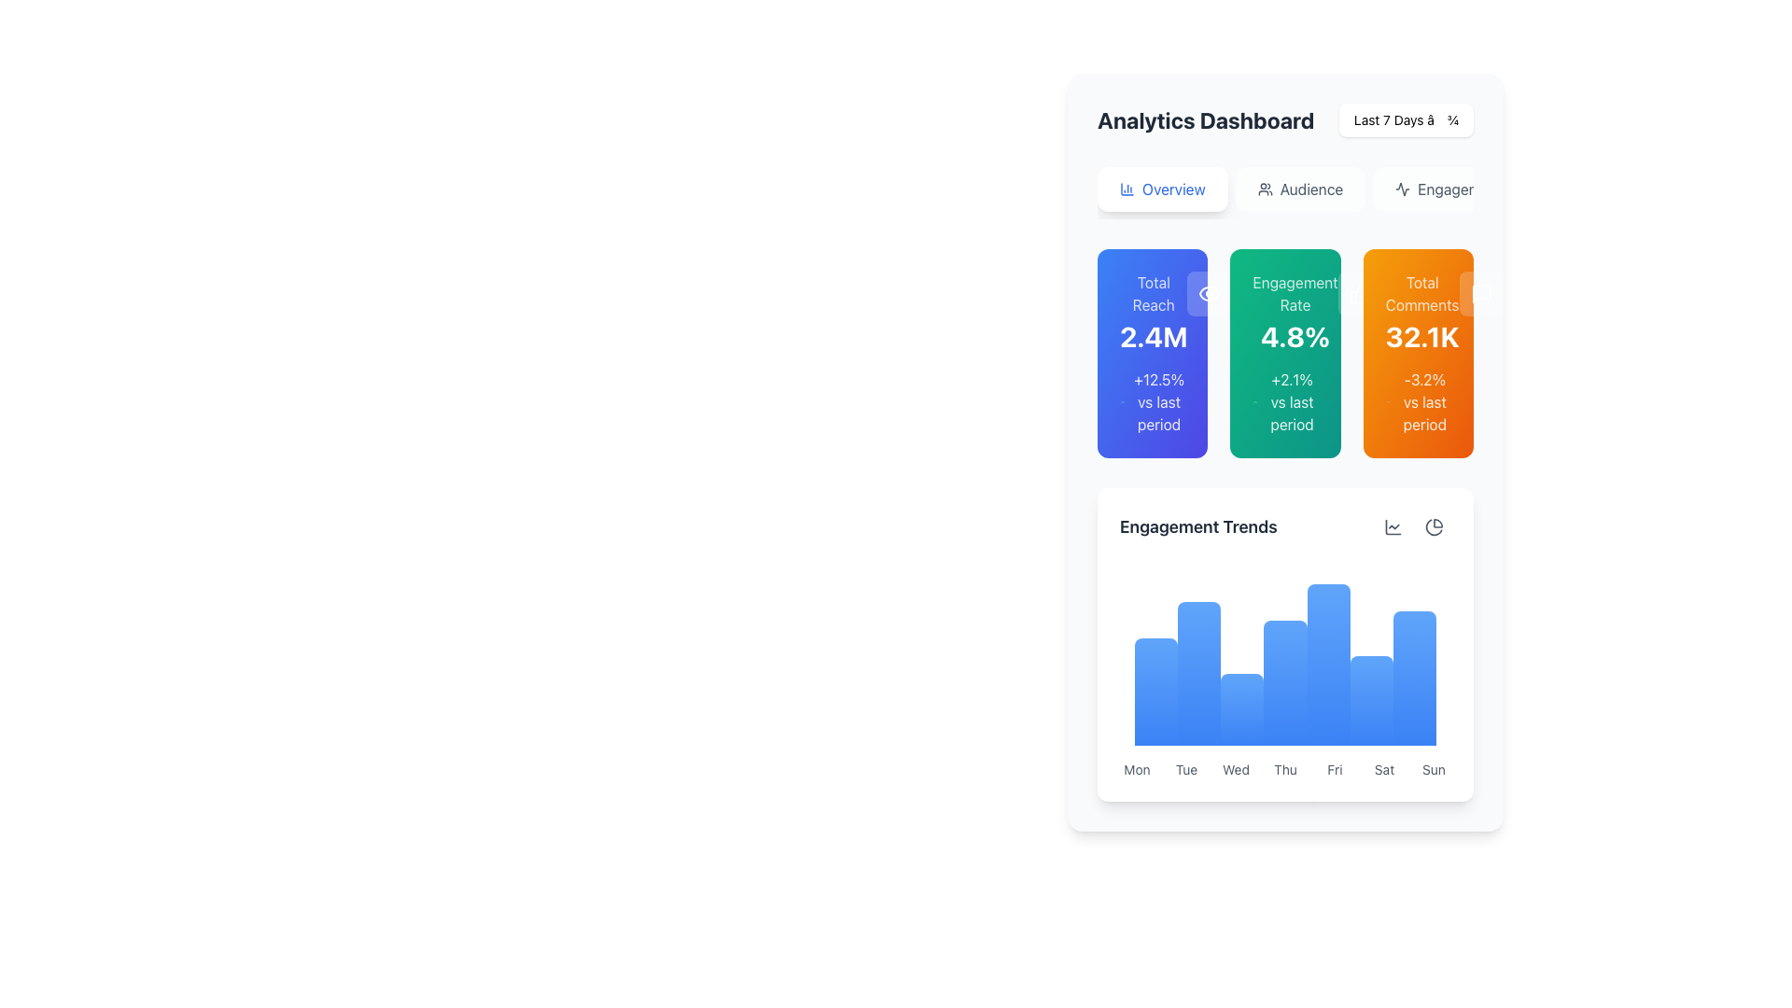 This screenshot has width=1792, height=1008. Describe the element at coordinates (1459, 189) in the screenshot. I see `the 'Engagement' text label located near the top-right corner of the 'Analytics Dashboard' section` at that location.